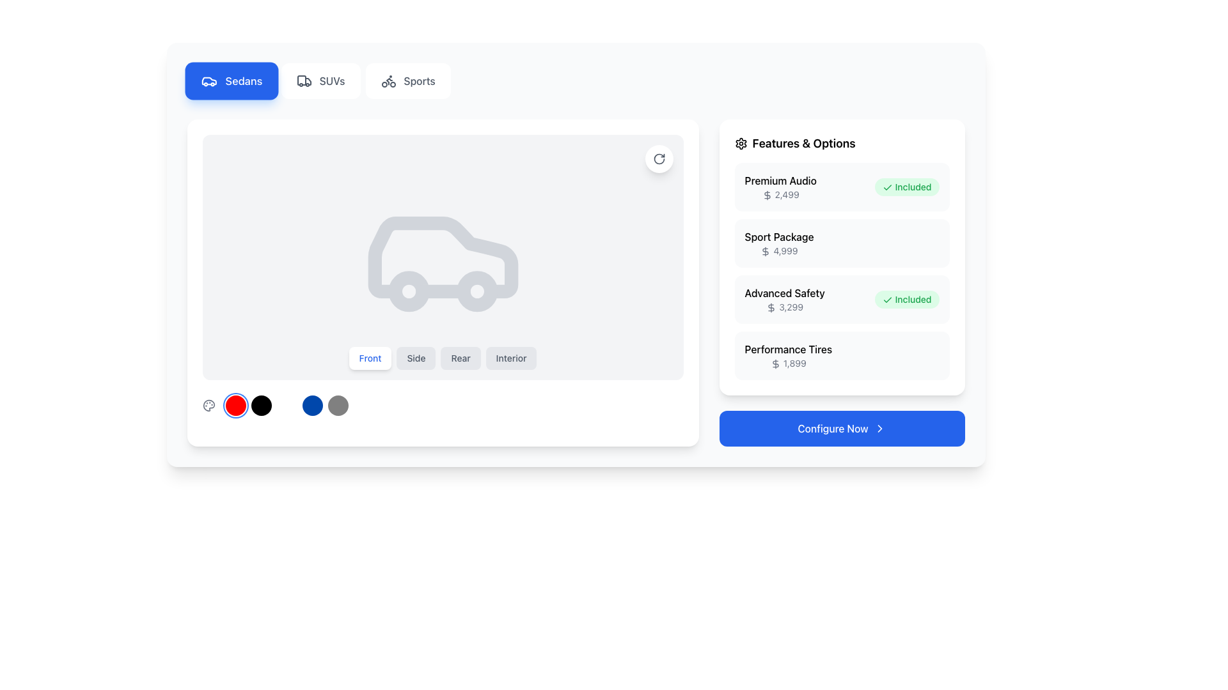 This screenshot has width=1228, height=690. I want to click on the blue button located at the bottom of the 'Features & Options' card to initiate the configuration process, so click(842, 429).